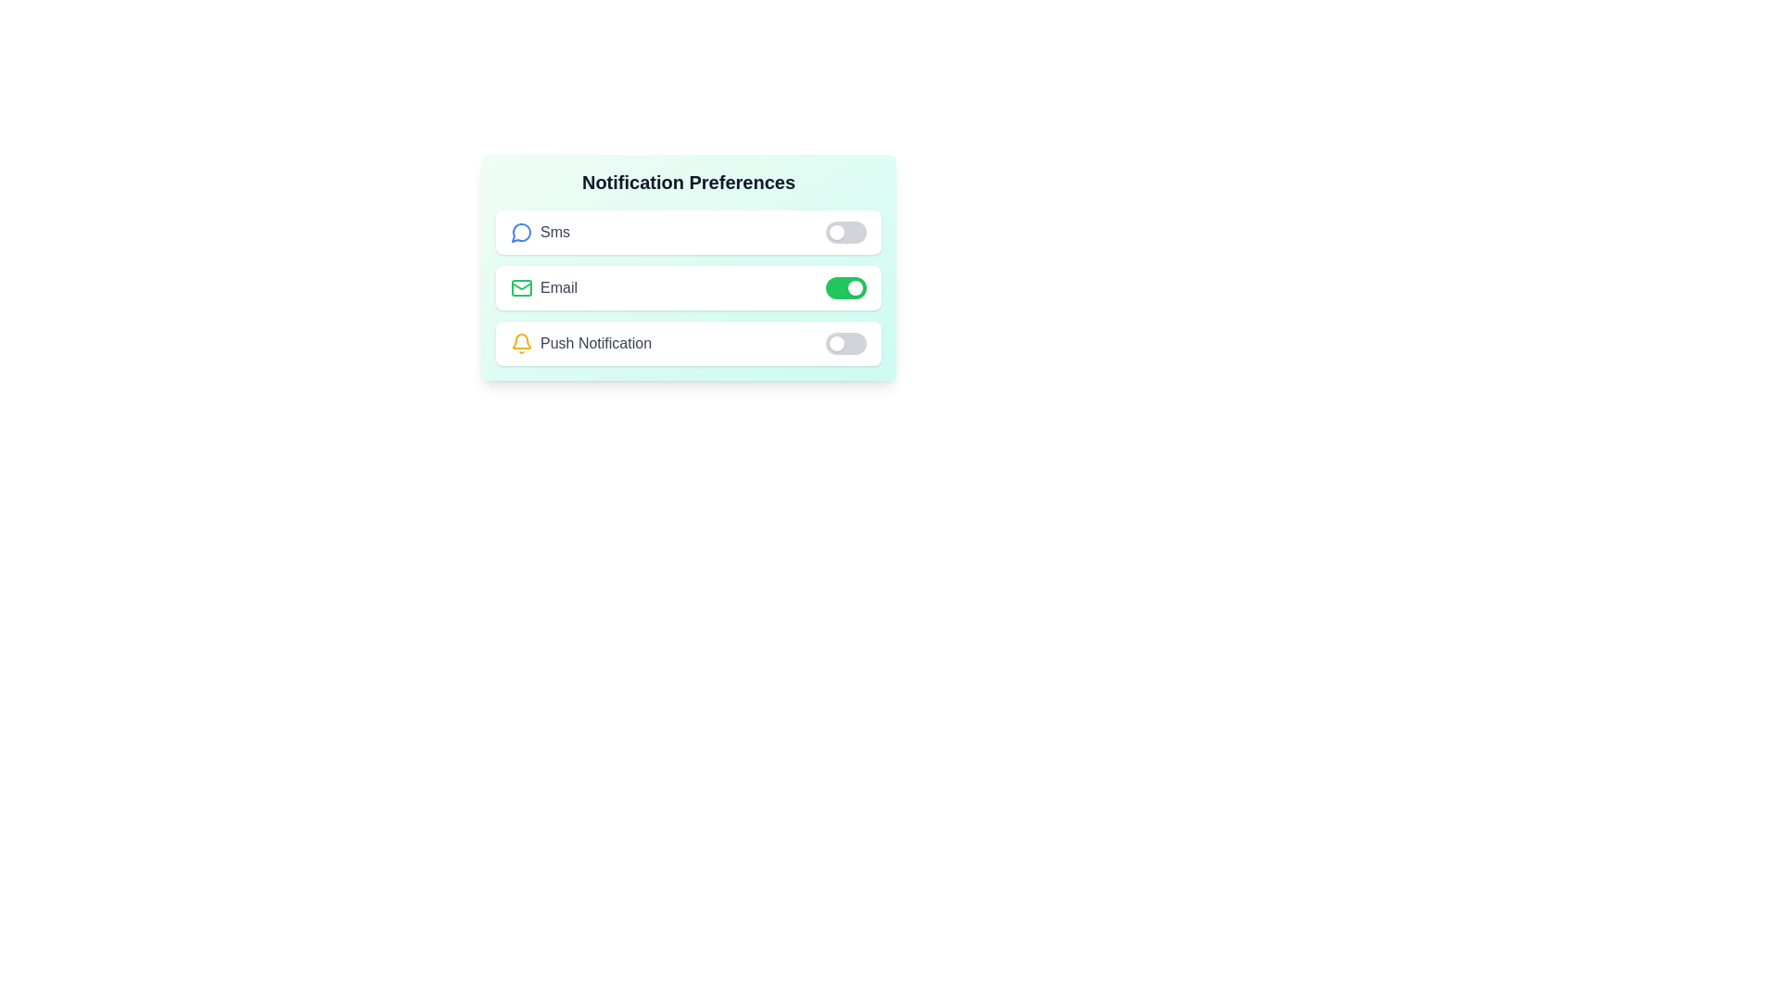 The image size is (1780, 1001). I want to click on the toggle switch for 'Sms' preferences, which is a gray background with a white circular knob indicating the 'off' state, so click(845, 231).